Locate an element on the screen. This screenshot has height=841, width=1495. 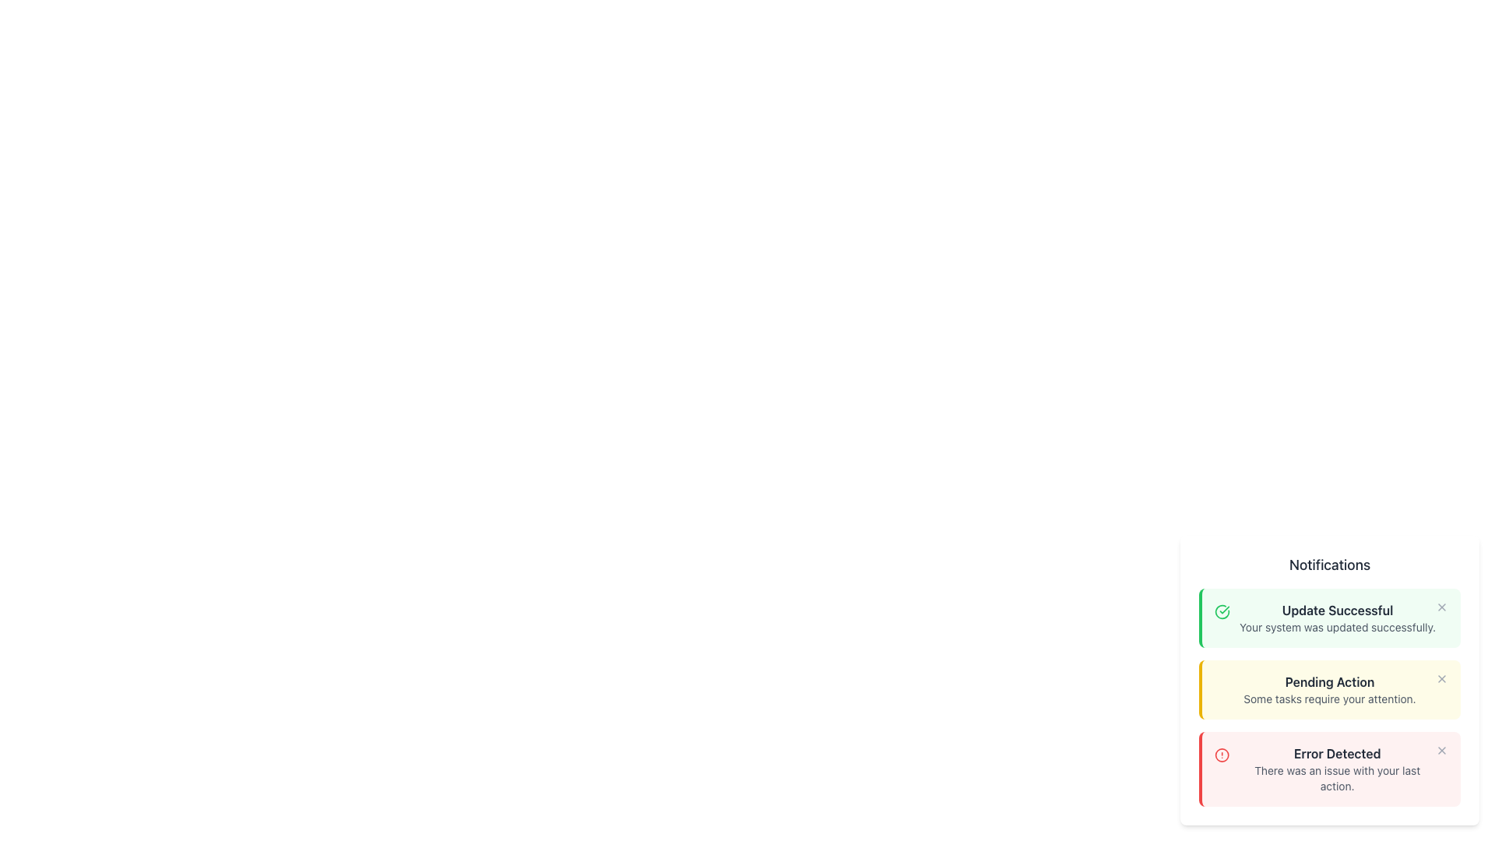
information provided in the Text Label located below the 'Pending Action' header in the notification card is located at coordinates (1329, 698).